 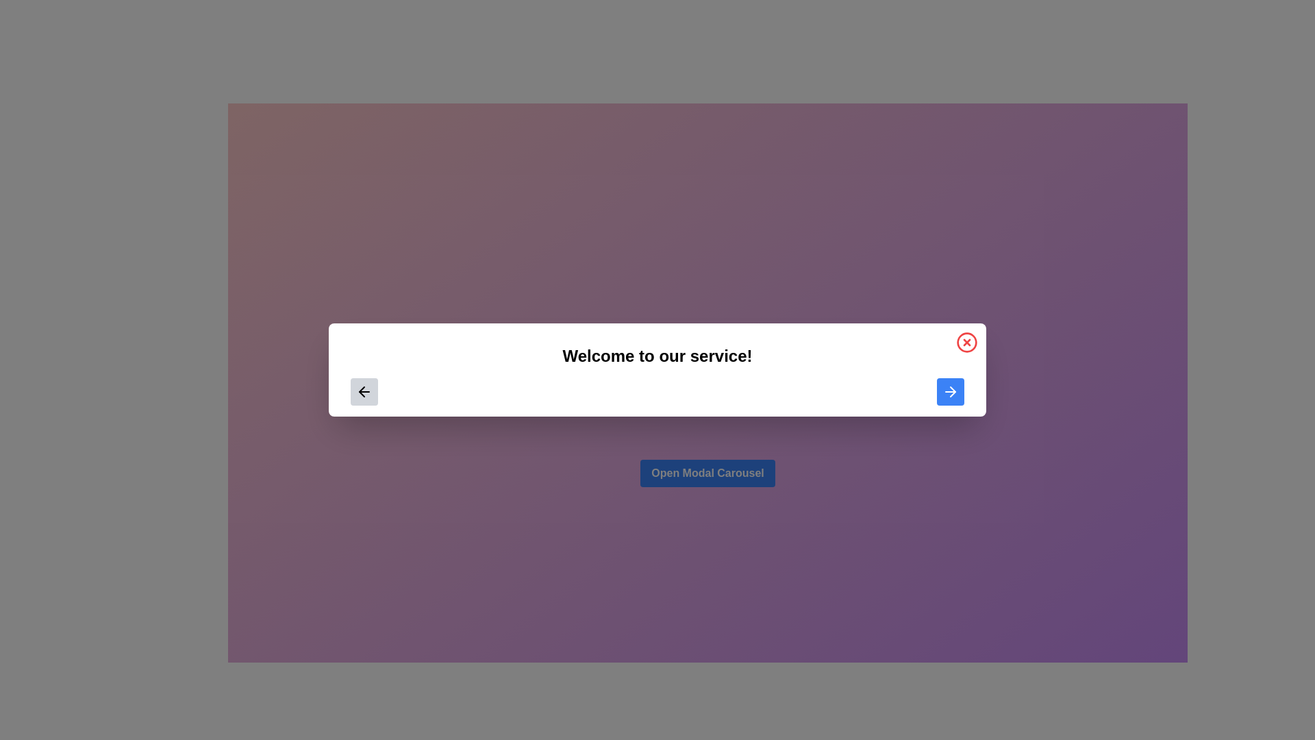 I want to click on the circular button with a red border and red cross located at the top-right corner of the modal interface to visualize interaction, so click(x=966, y=342).